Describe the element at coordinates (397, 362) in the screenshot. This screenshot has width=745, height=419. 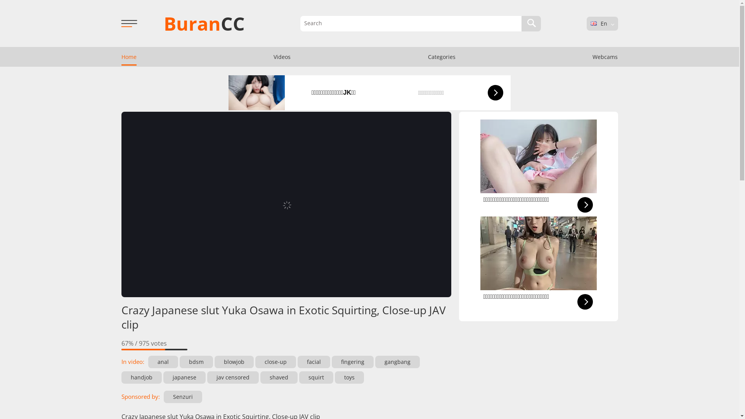
I see `'gangbang'` at that location.